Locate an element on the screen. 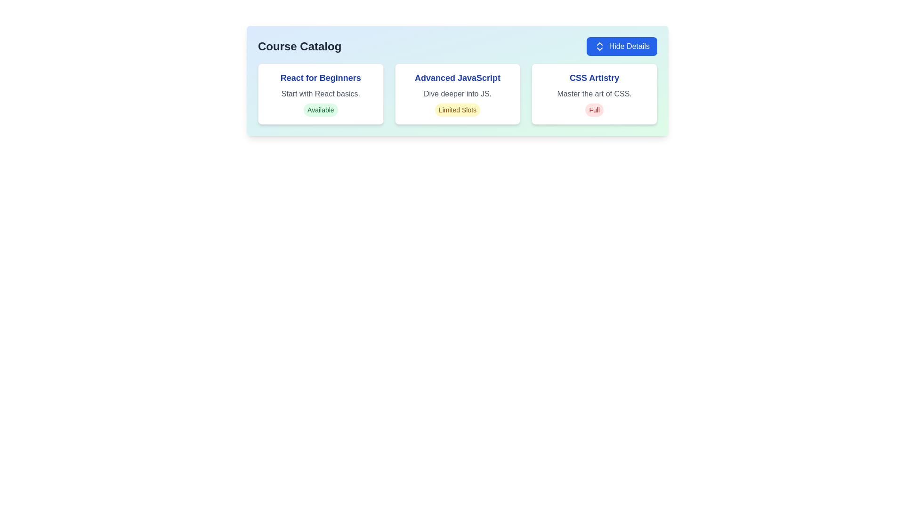 The image size is (904, 508). the non-interactive badge indicator within the 'Advanced JavaScript' card that indicates limited course slots, located below the description text 'Dive deeper into JS.' is located at coordinates (457, 110).